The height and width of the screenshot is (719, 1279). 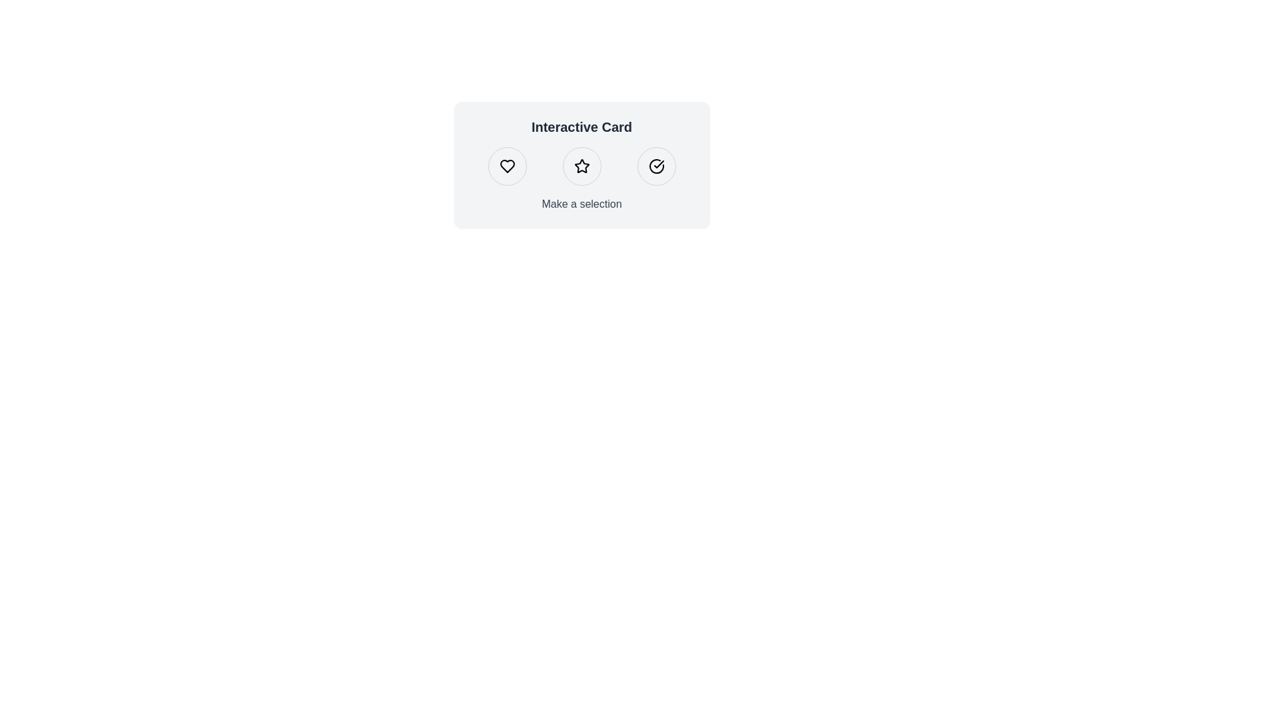 What do you see at coordinates (656, 166) in the screenshot?
I see `the rightmost icon within a horizontal set of three icons located centrally in a rectangular card` at bounding box center [656, 166].